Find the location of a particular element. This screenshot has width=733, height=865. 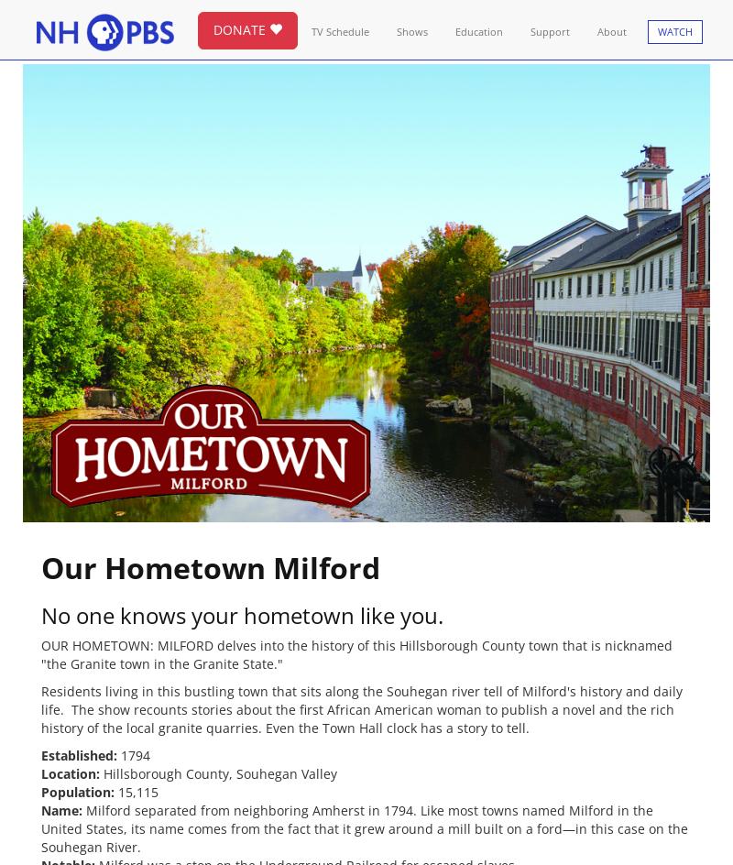

'Population:' is located at coordinates (77, 791).